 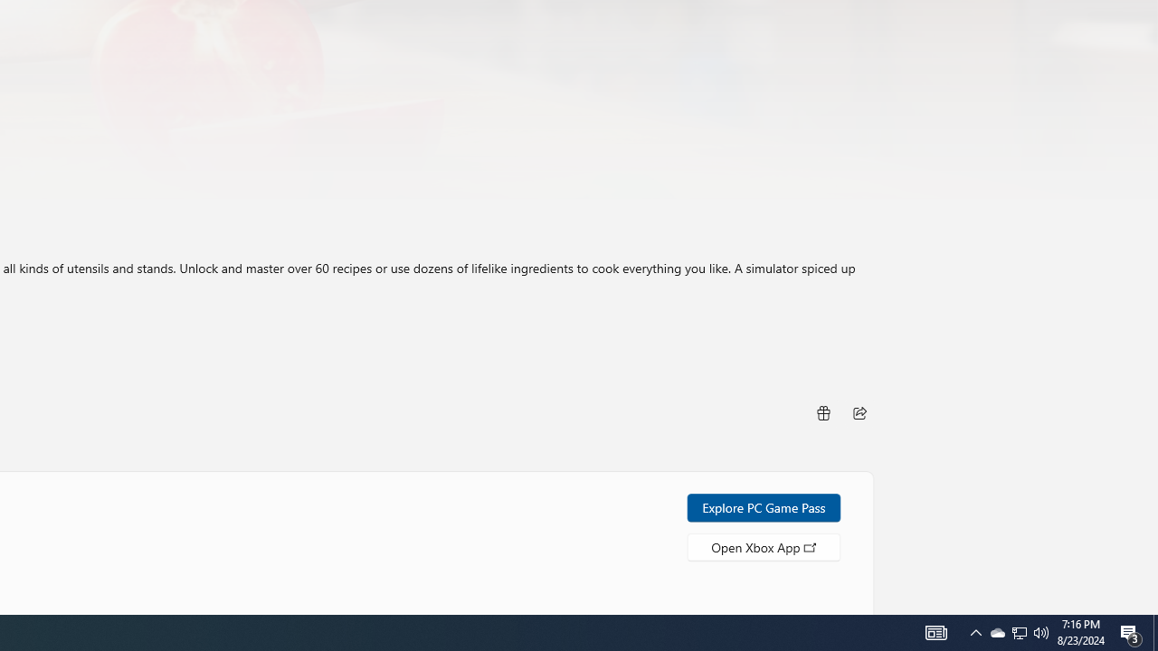 I want to click on 'Open Xbox App', so click(x=764, y=545).